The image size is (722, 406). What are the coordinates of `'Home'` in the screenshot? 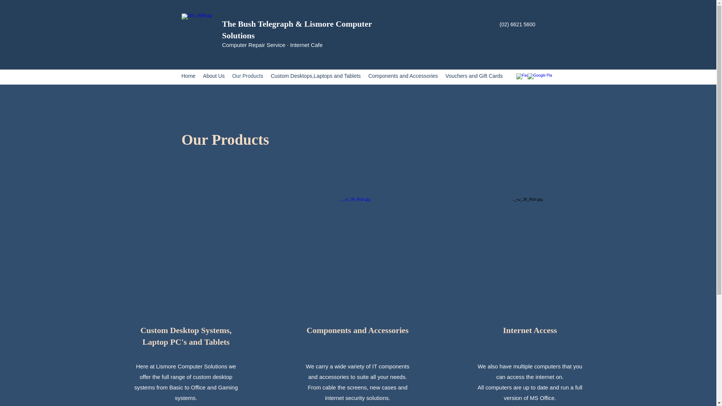 It's located at (188, 77).